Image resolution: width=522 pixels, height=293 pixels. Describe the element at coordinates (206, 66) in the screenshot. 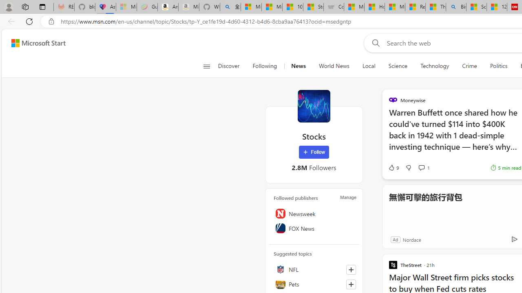

I see `'Class: button-glyph'` at that location.